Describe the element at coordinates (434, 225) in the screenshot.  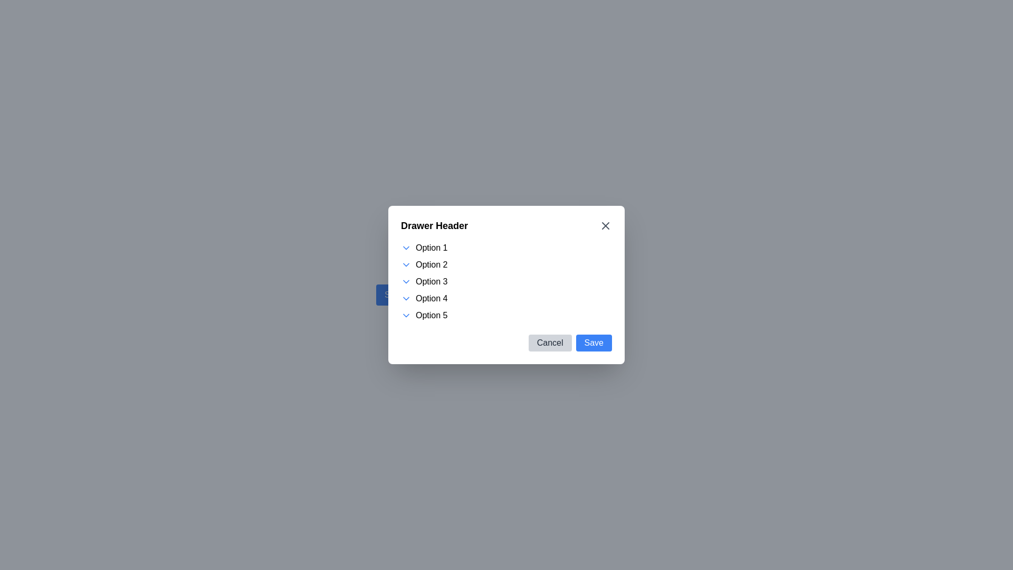
I see `the Text Label, which serves as the title or header for the dialog box, located in the header section of the modal box at the top-center of the dialog` at that location.